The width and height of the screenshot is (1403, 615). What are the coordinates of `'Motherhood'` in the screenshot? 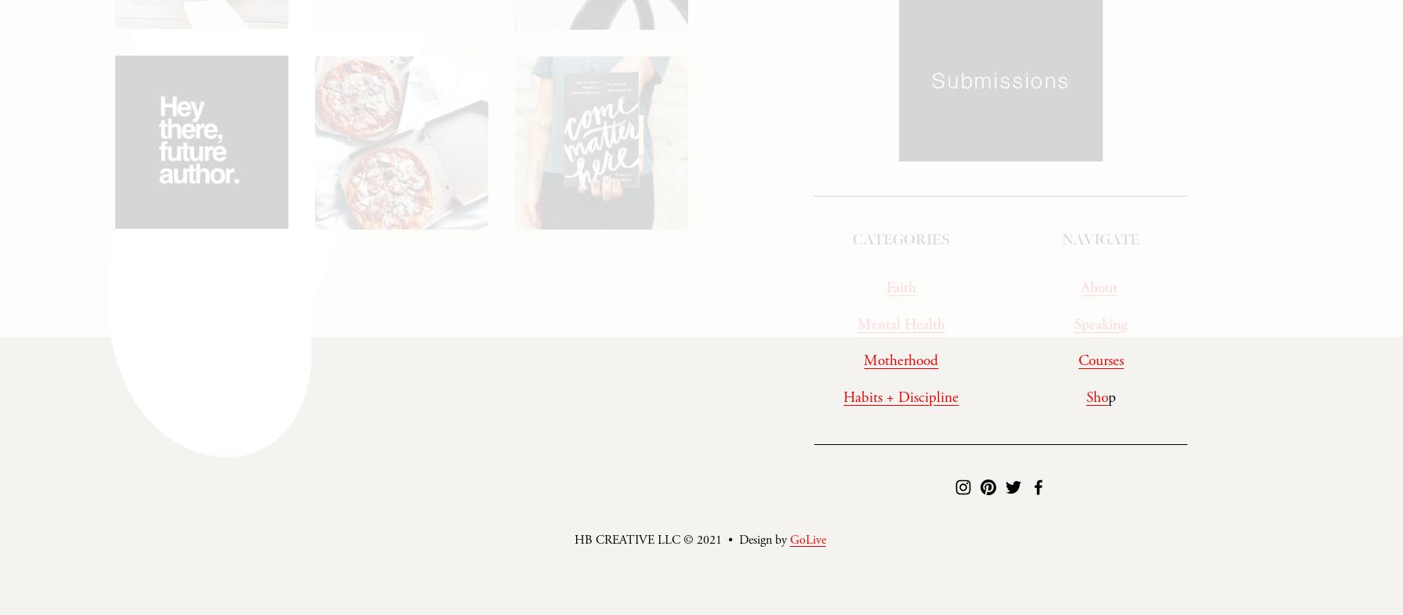 It's located at (901, 366).